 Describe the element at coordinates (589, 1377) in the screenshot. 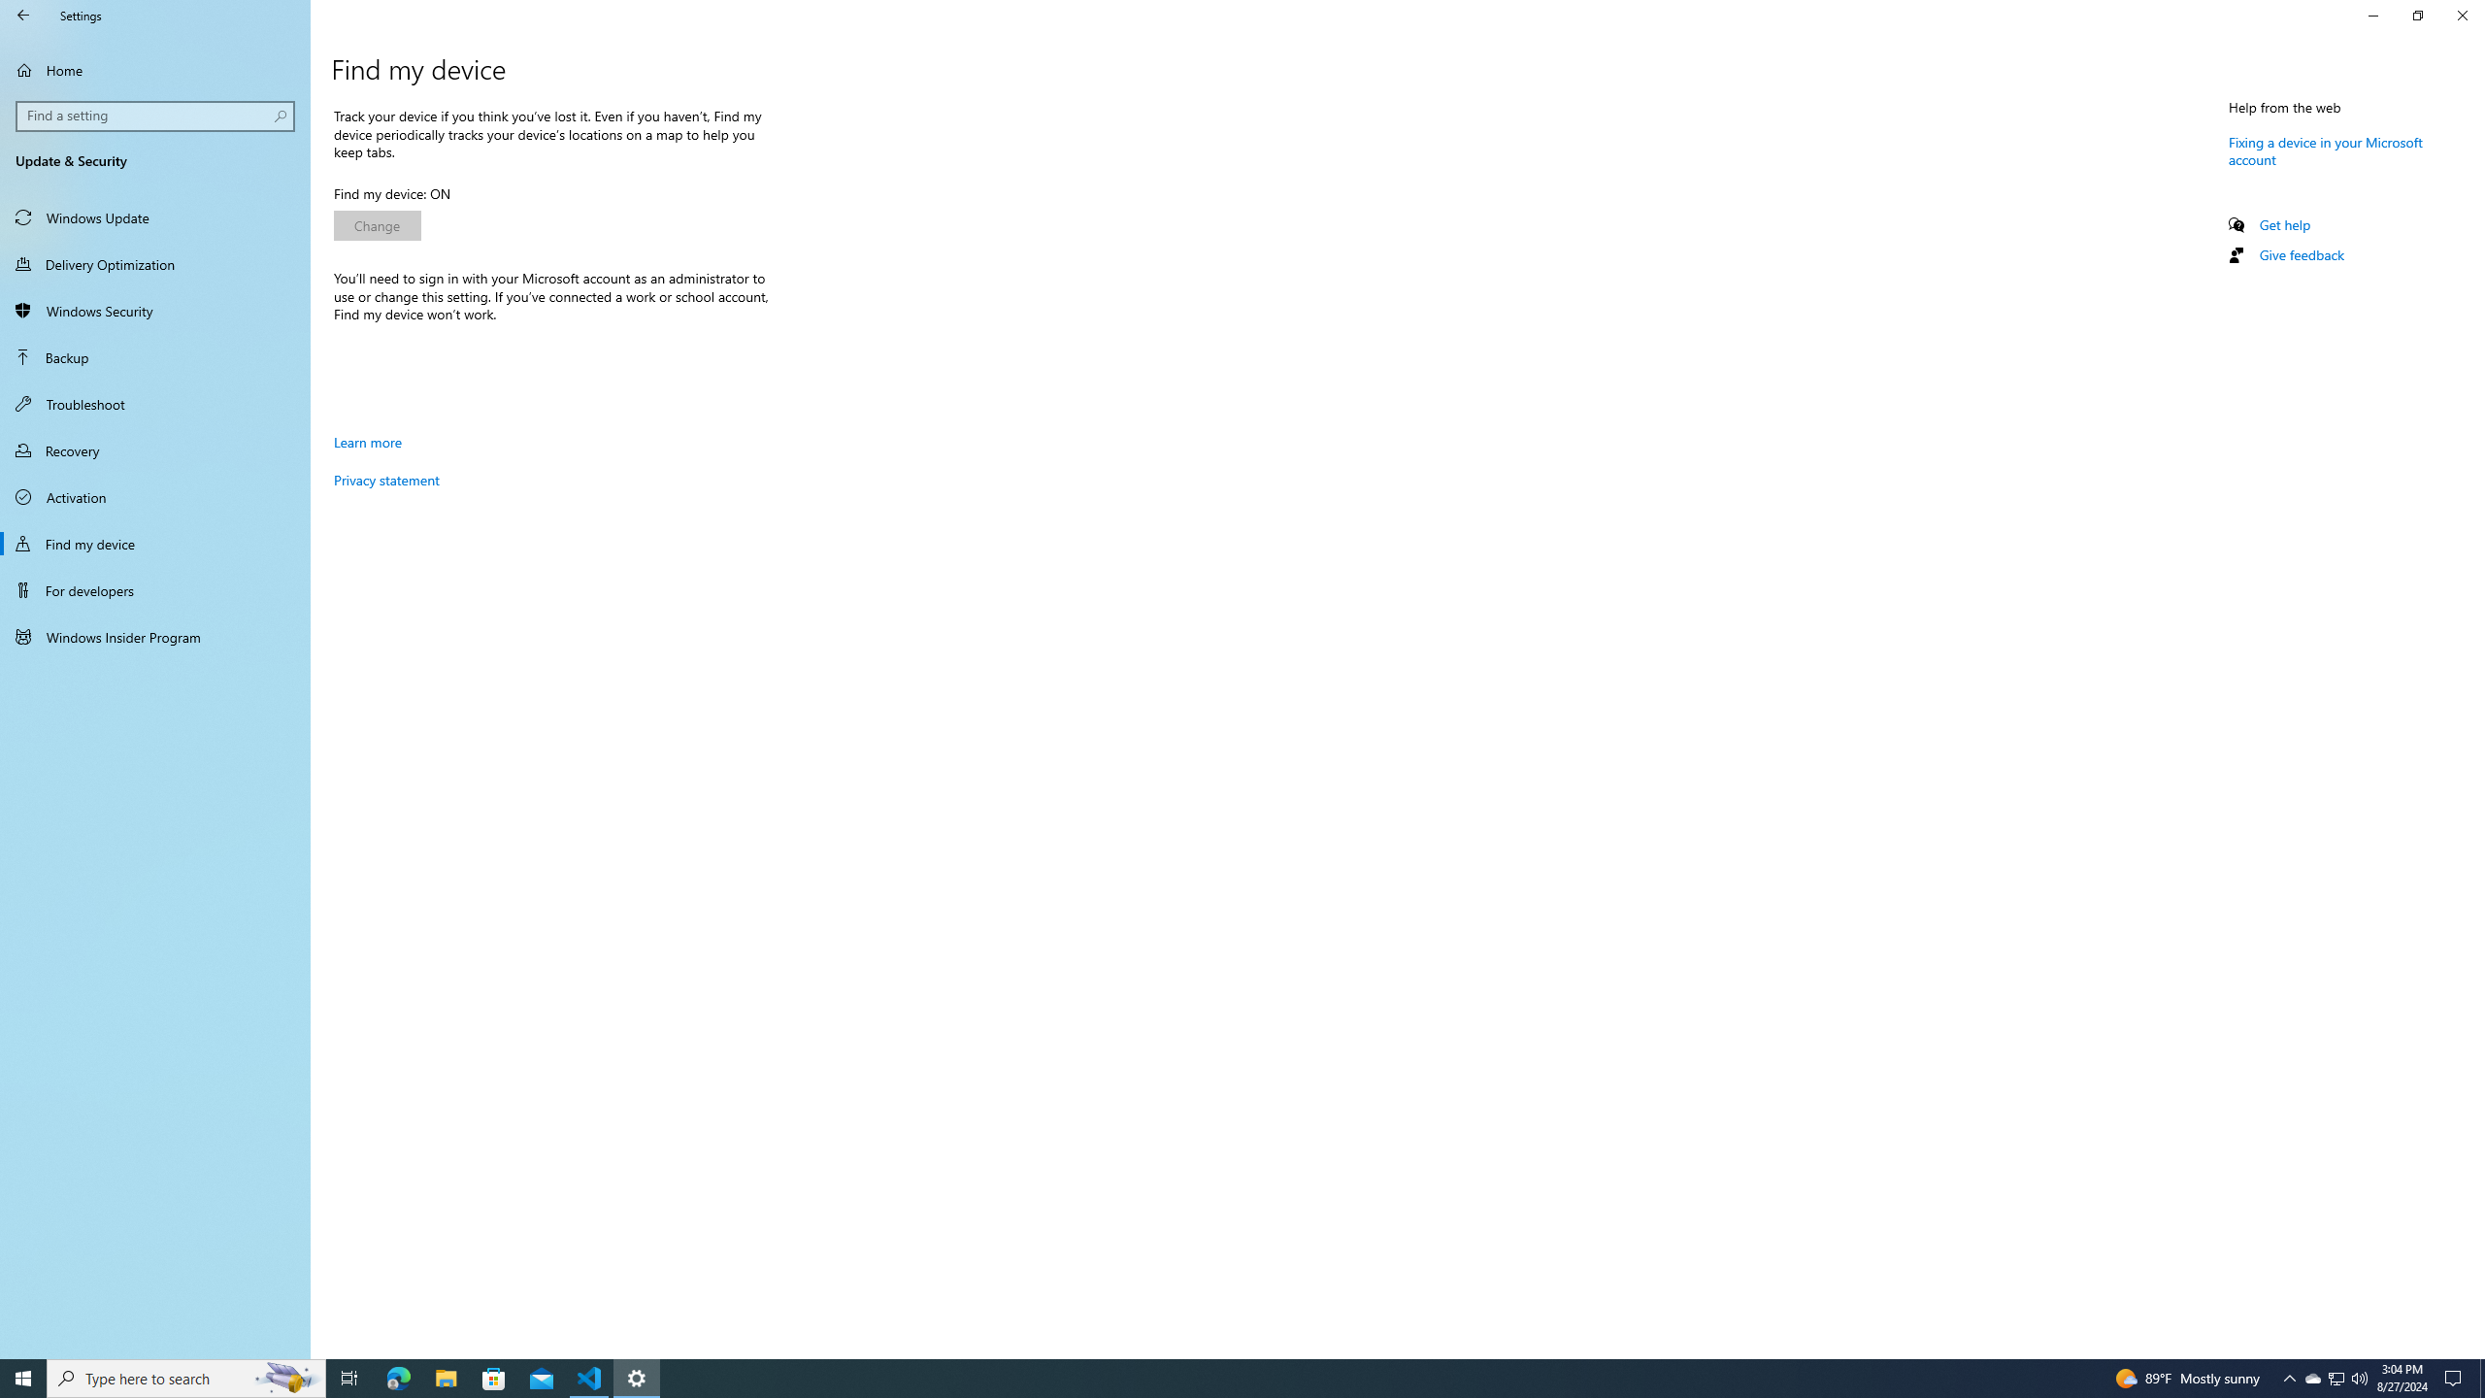

I see `'Visual Studio Code - 1 running window'` at that location.